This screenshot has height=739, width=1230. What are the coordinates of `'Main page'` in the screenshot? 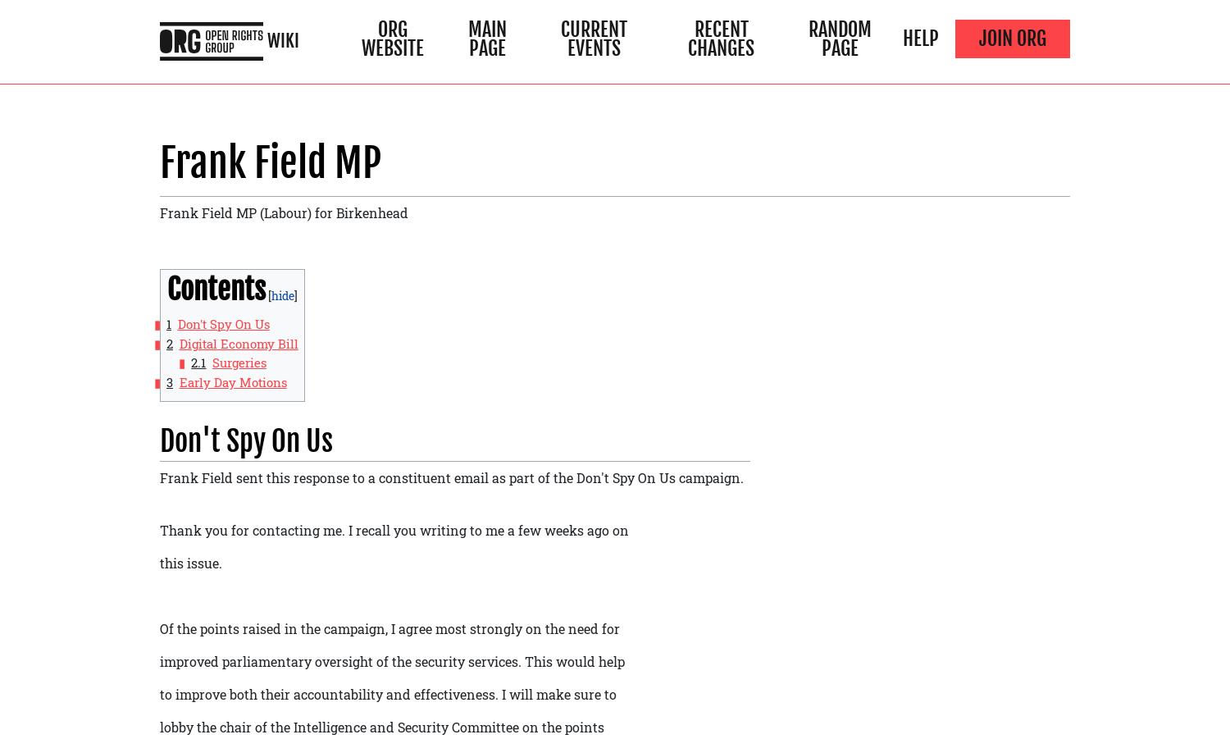 It's located at (485, 38).